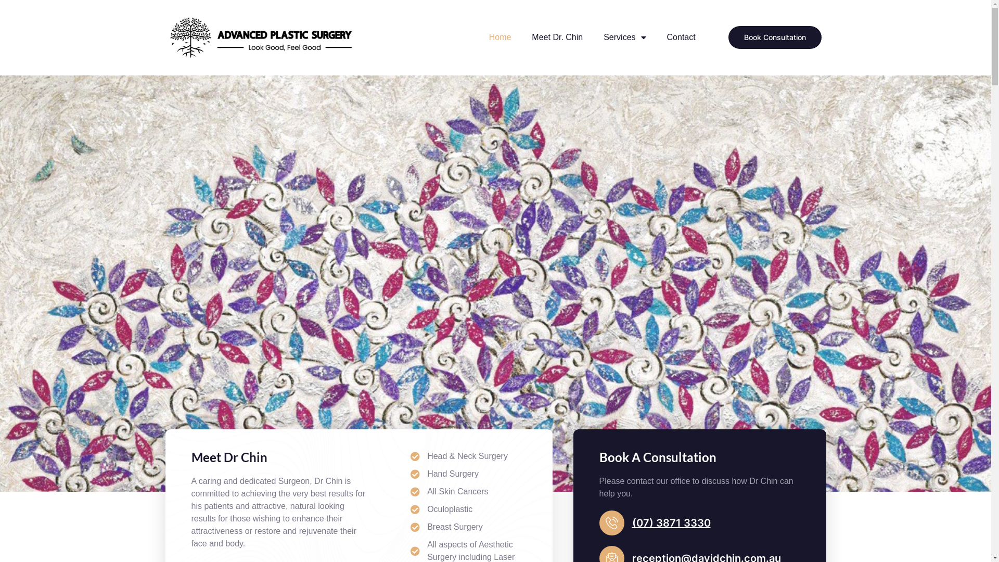 This screenshot has height=562, width=999. I want to click on 'Contact', so click(681, 37).